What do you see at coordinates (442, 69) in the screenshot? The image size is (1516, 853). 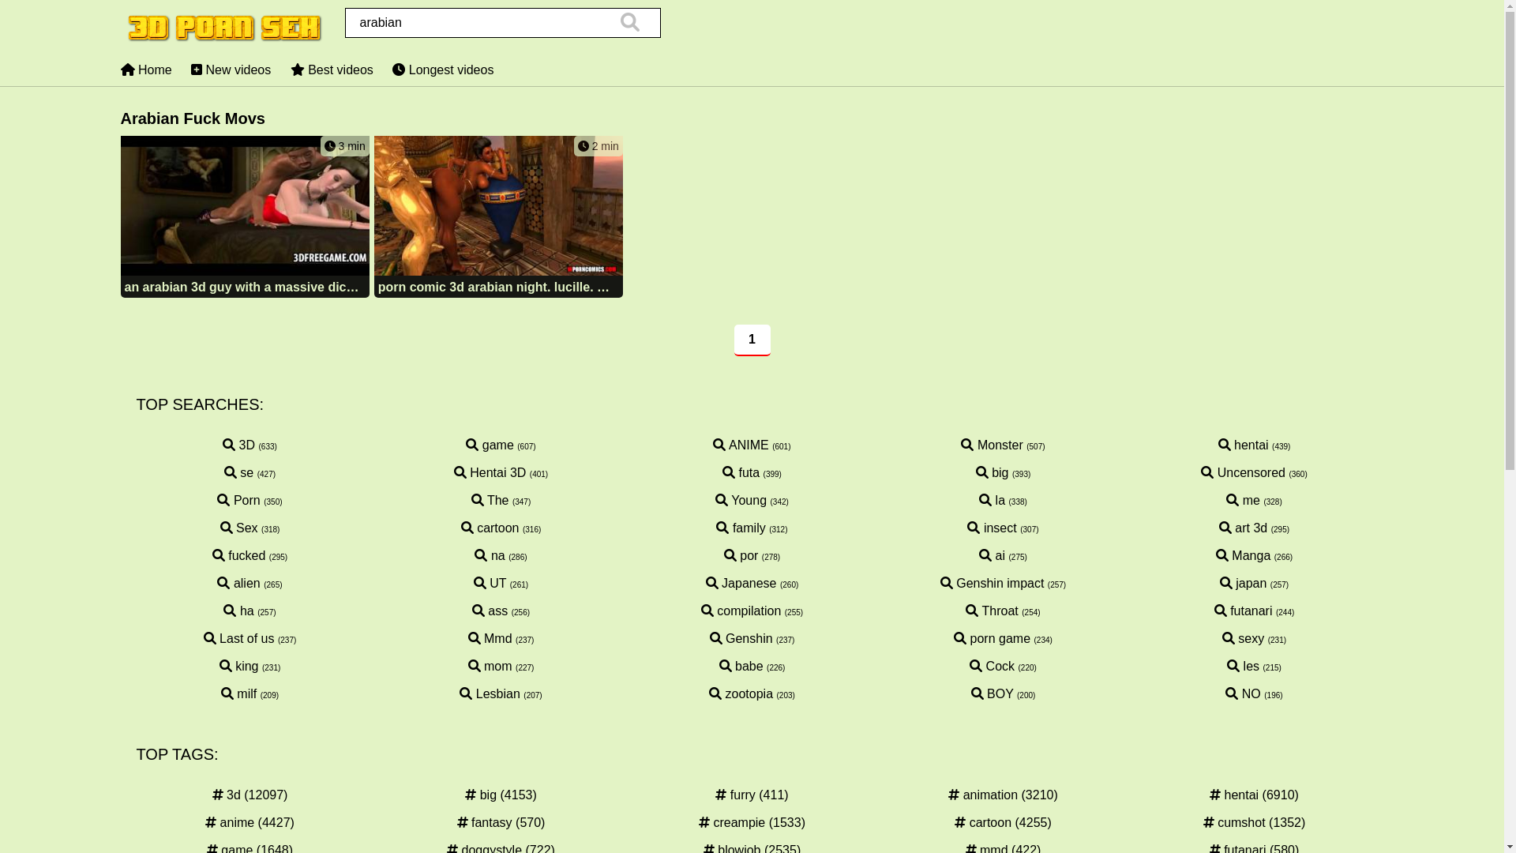 I see `'Longest videos'` at bounding box center [442, 69].